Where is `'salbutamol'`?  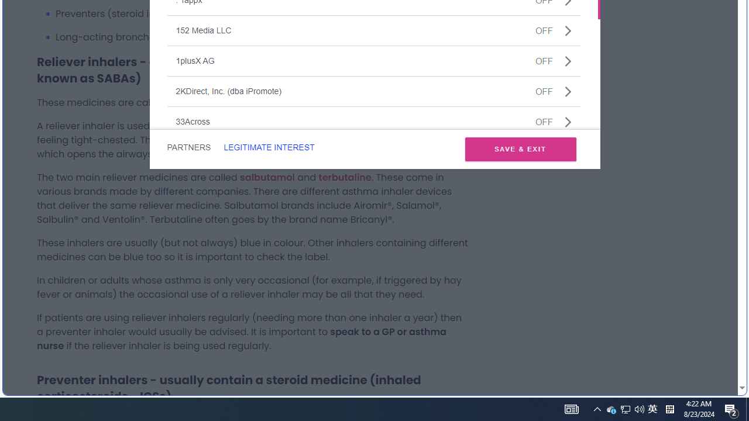
'salbutamol' is located at coordinates (266, 177).